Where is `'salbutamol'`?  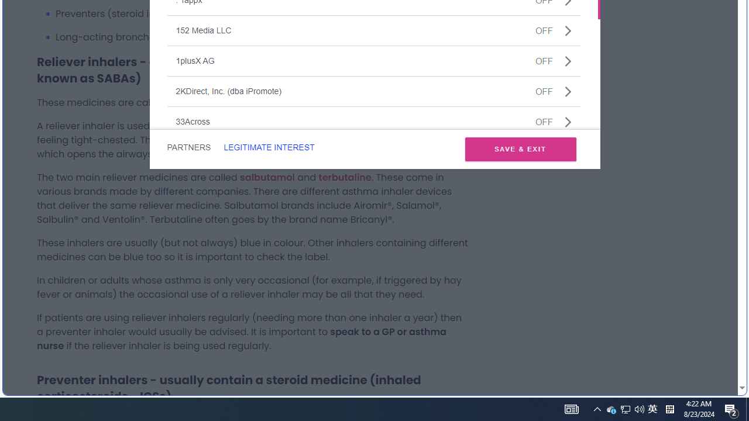
'salbutamol' is located at coordinates (266, 177).